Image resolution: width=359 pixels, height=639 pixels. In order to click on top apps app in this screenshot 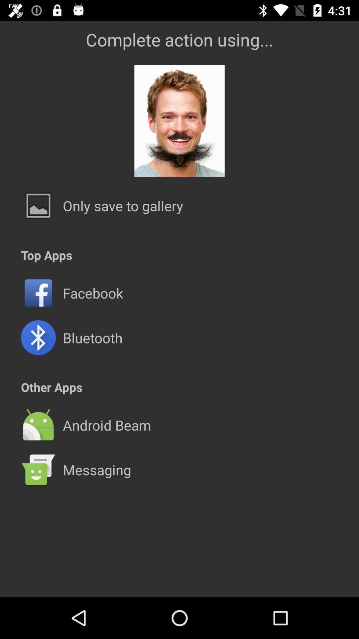, I will do `click(46, 255)`.